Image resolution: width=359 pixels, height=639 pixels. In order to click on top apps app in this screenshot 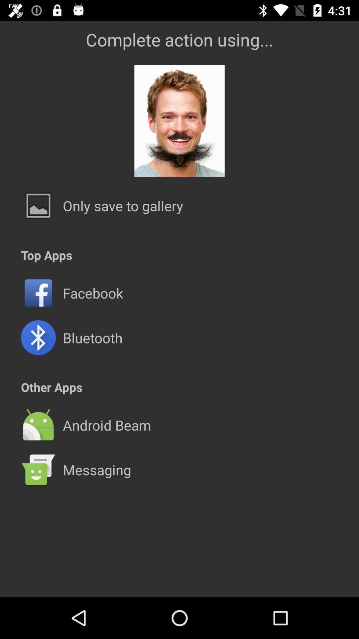, I will do `click(46, 255)`.